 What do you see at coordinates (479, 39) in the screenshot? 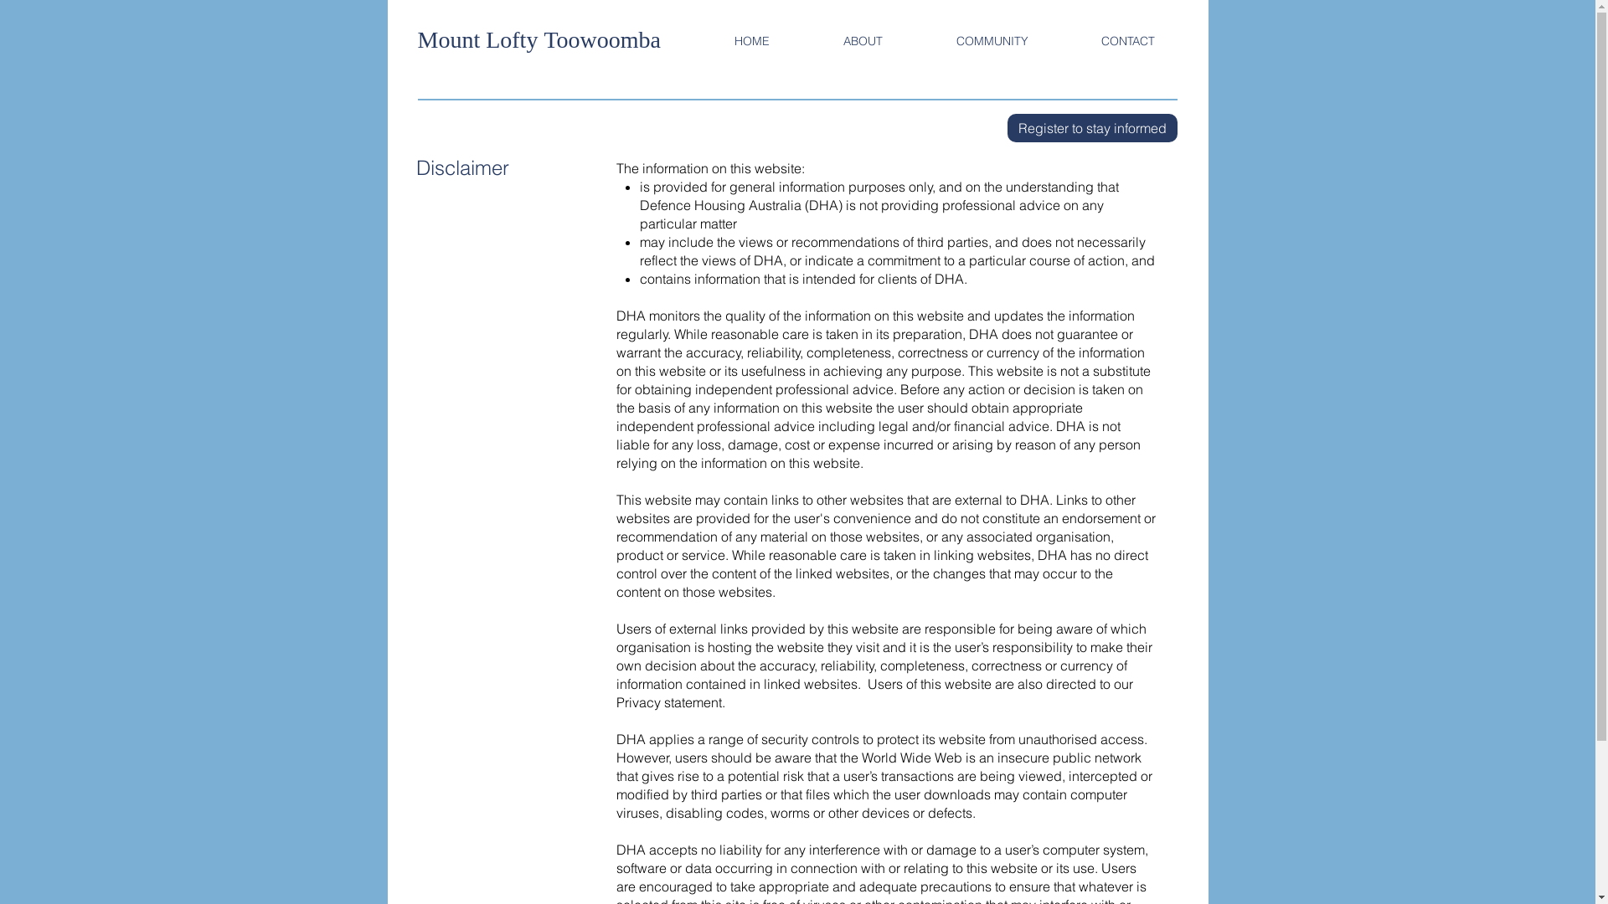
I see `'Mount Lofty'` at bounding box center [479, 39].